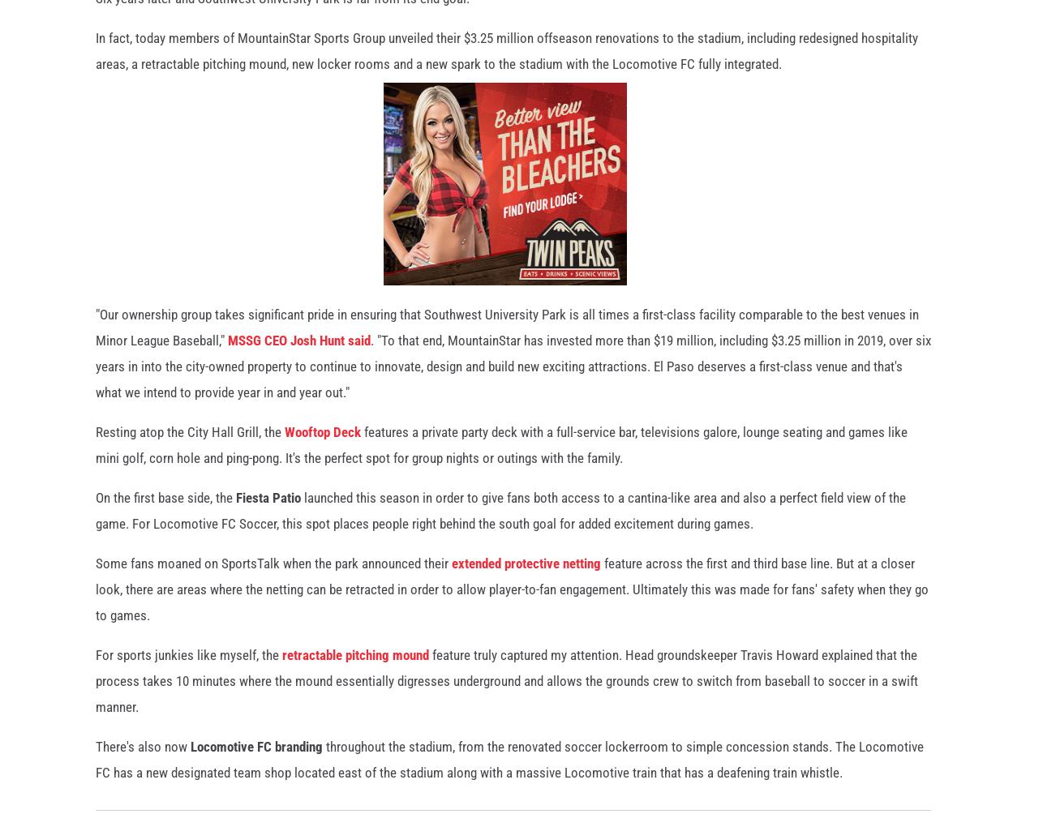 This screenshot has height=827, width=1043. I want to click on 'Wooftop Deck', so click(322, 439).